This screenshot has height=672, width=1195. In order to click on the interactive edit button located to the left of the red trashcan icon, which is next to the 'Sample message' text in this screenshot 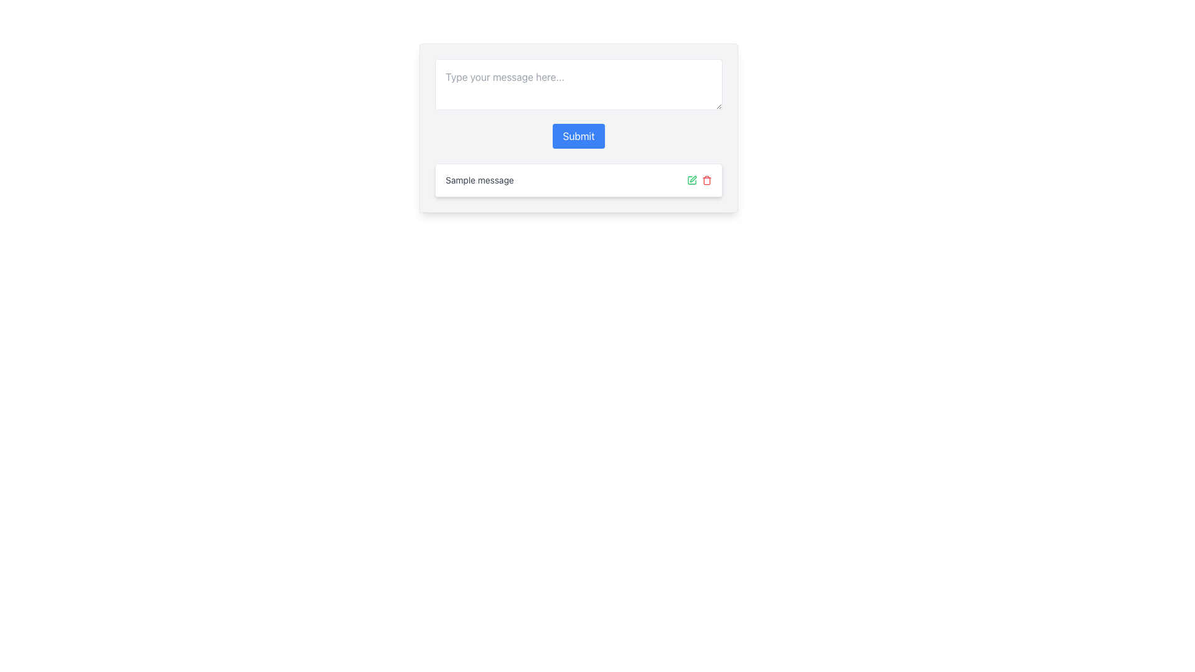, I will do `click(691, 180)`.